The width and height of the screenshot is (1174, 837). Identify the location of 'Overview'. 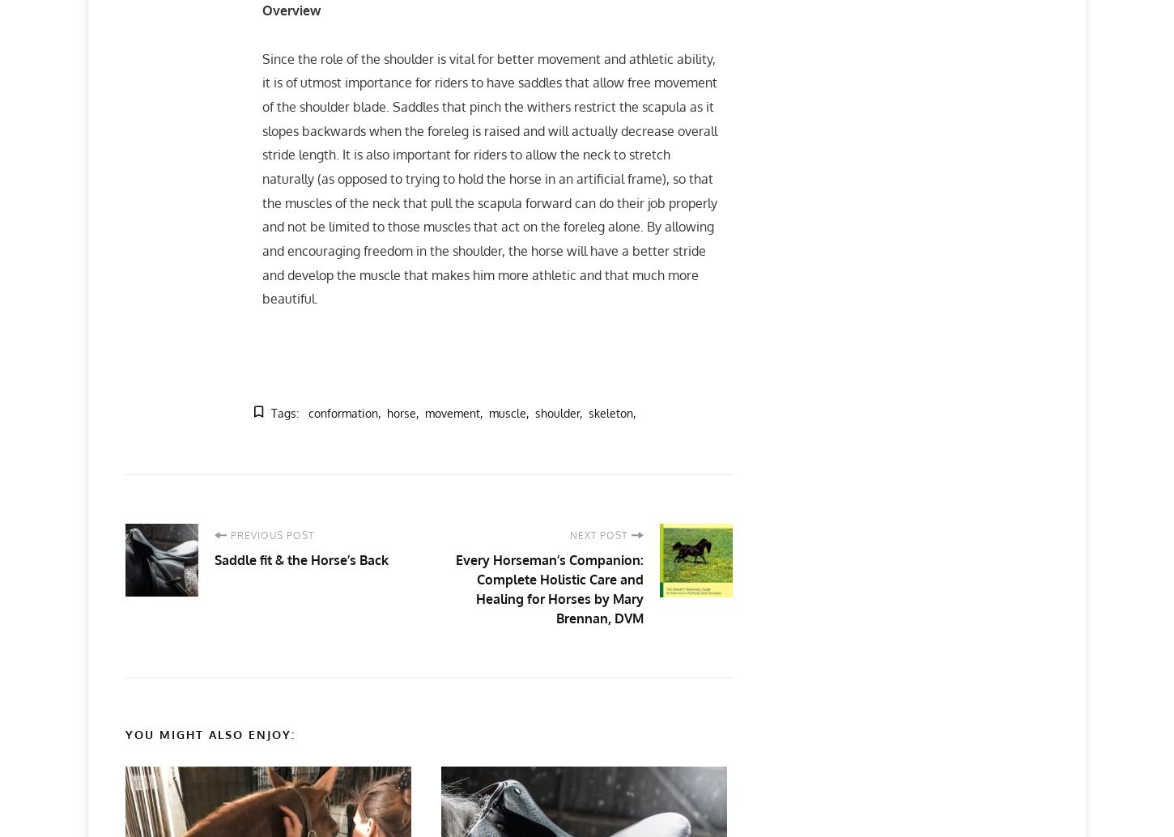
(262, 9).